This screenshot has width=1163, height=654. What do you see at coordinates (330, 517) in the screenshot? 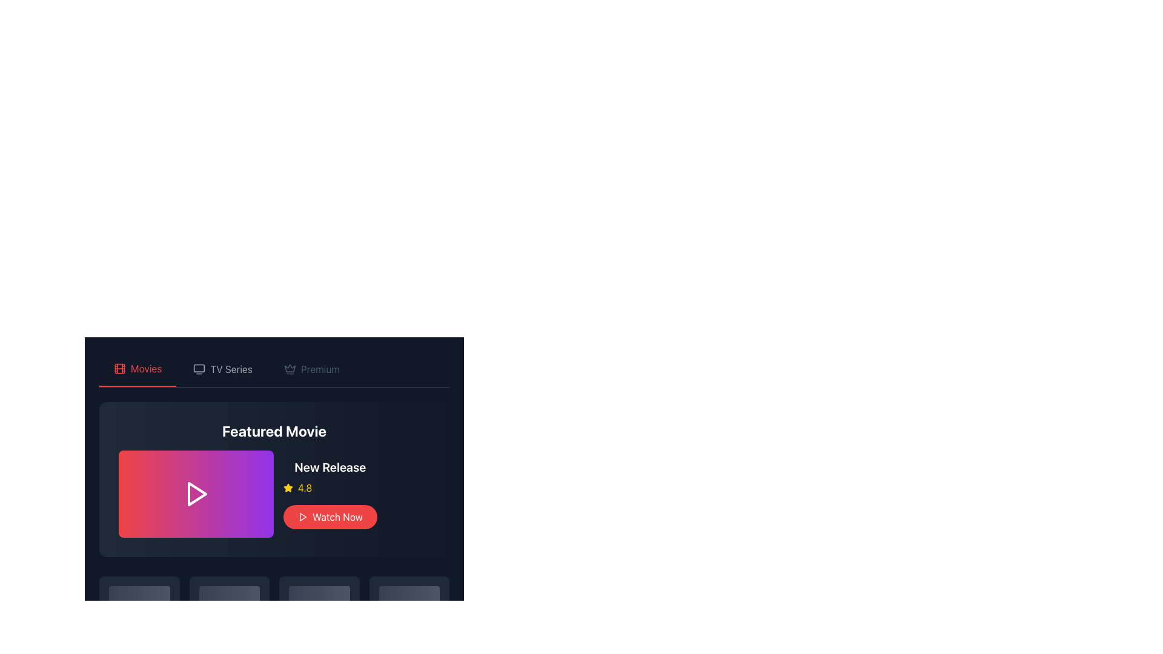
I see `the red 'Watch Now' button with rounded edges, featuring a play icon on the left, located below the '4.8' rating in the 'New Release' section` at bounding box center [330, 517].